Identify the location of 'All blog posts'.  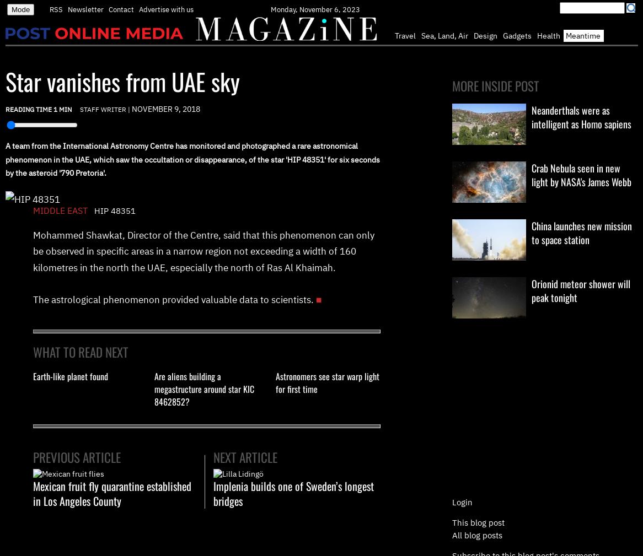
(452, 535).